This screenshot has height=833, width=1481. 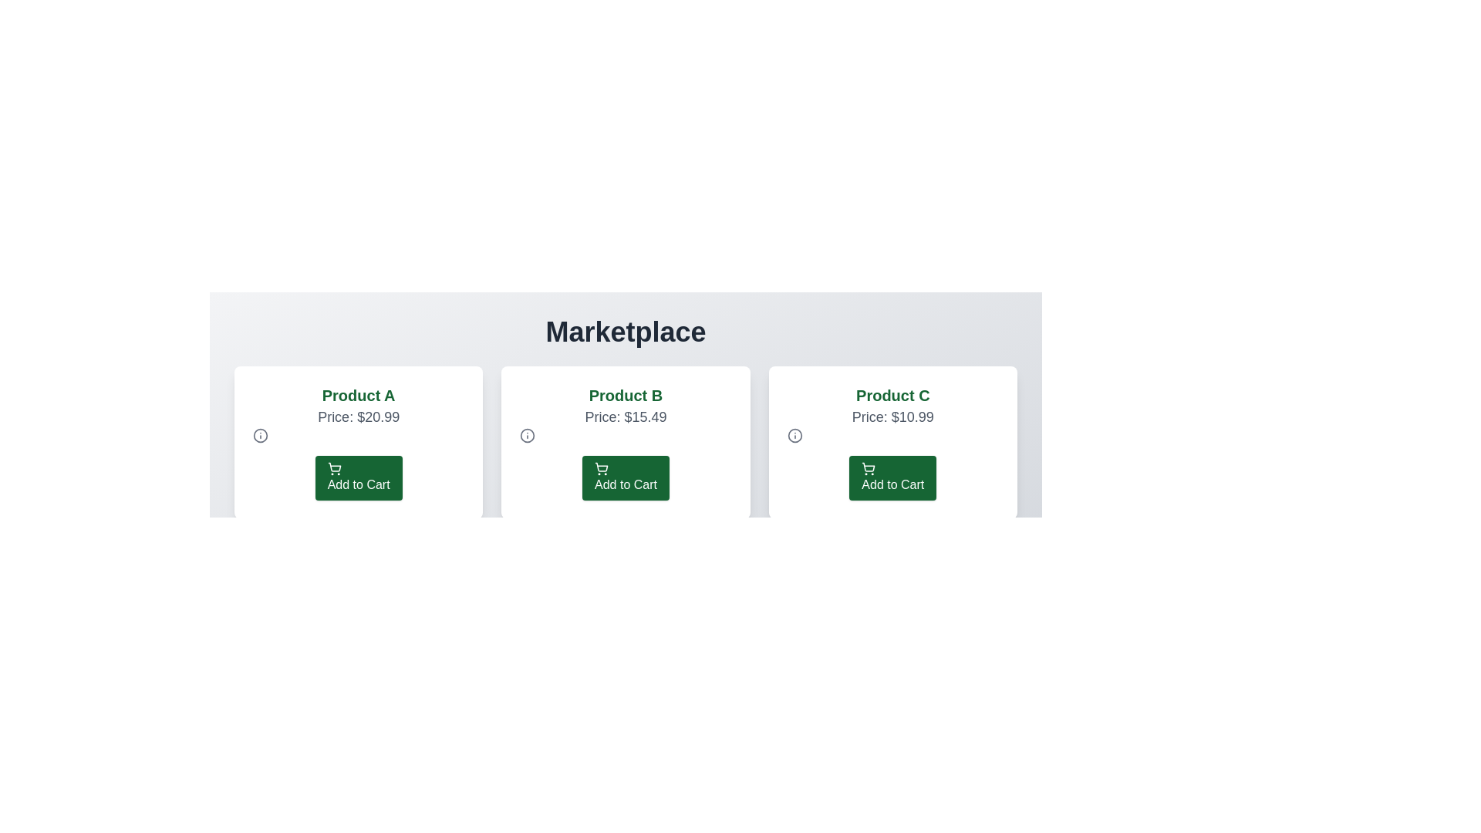 I want to click on the prominently styled green text label reading 'Product C', which is located at the top of the card on the rightmost side of the marketplace display, so click(x=892, y=395).